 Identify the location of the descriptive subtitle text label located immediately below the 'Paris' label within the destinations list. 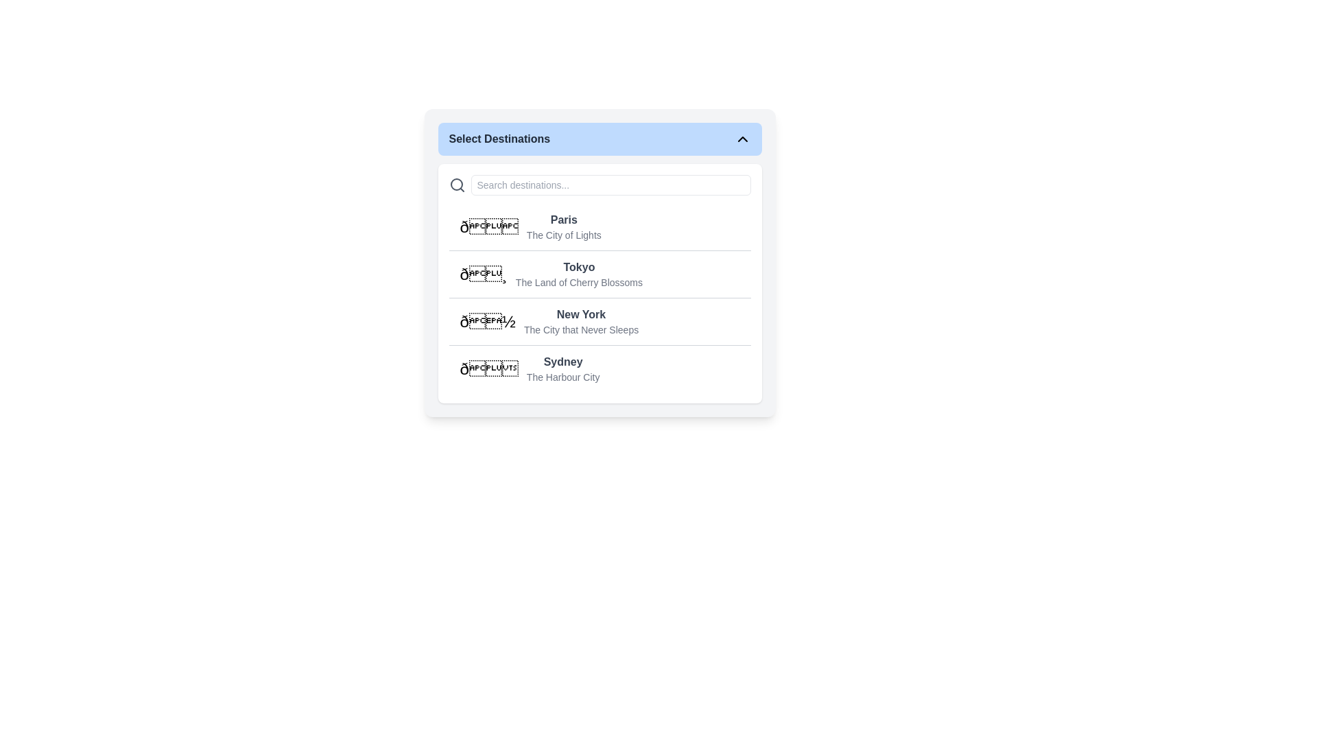
(564, 235).